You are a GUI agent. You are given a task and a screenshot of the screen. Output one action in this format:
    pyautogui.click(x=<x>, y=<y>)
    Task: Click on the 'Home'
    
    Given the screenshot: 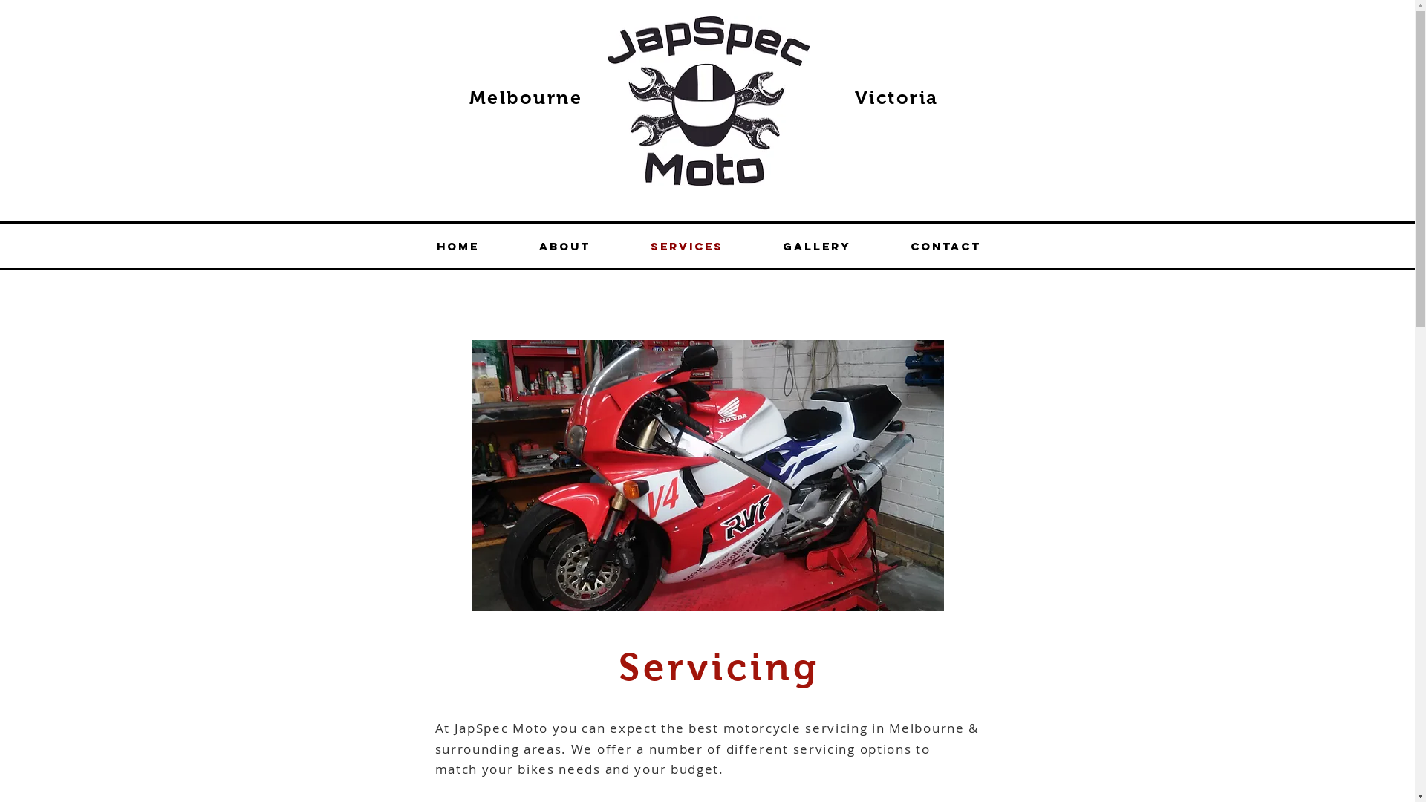 What is the action you would take?
    pyautogui.click(x=458, y=245)
    